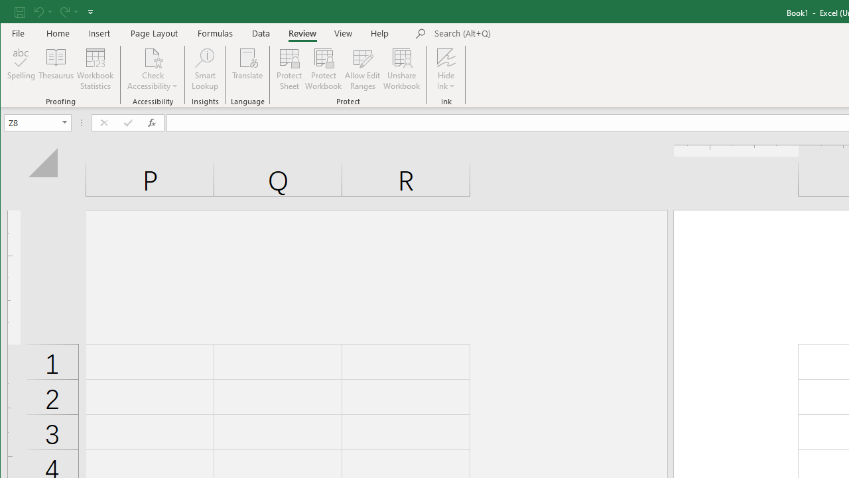 The image size is (849, 478). What do you see at coordinates (68, 11) in the screenshot?
I see `'Redo'` at bounding box center [68, 11].